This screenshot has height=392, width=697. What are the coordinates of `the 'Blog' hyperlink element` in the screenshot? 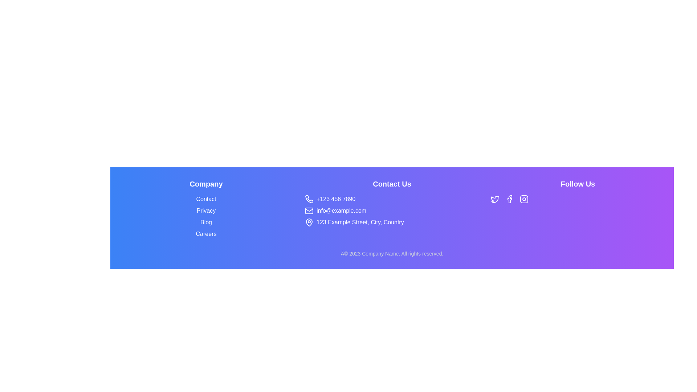 It's located at (205, 222).